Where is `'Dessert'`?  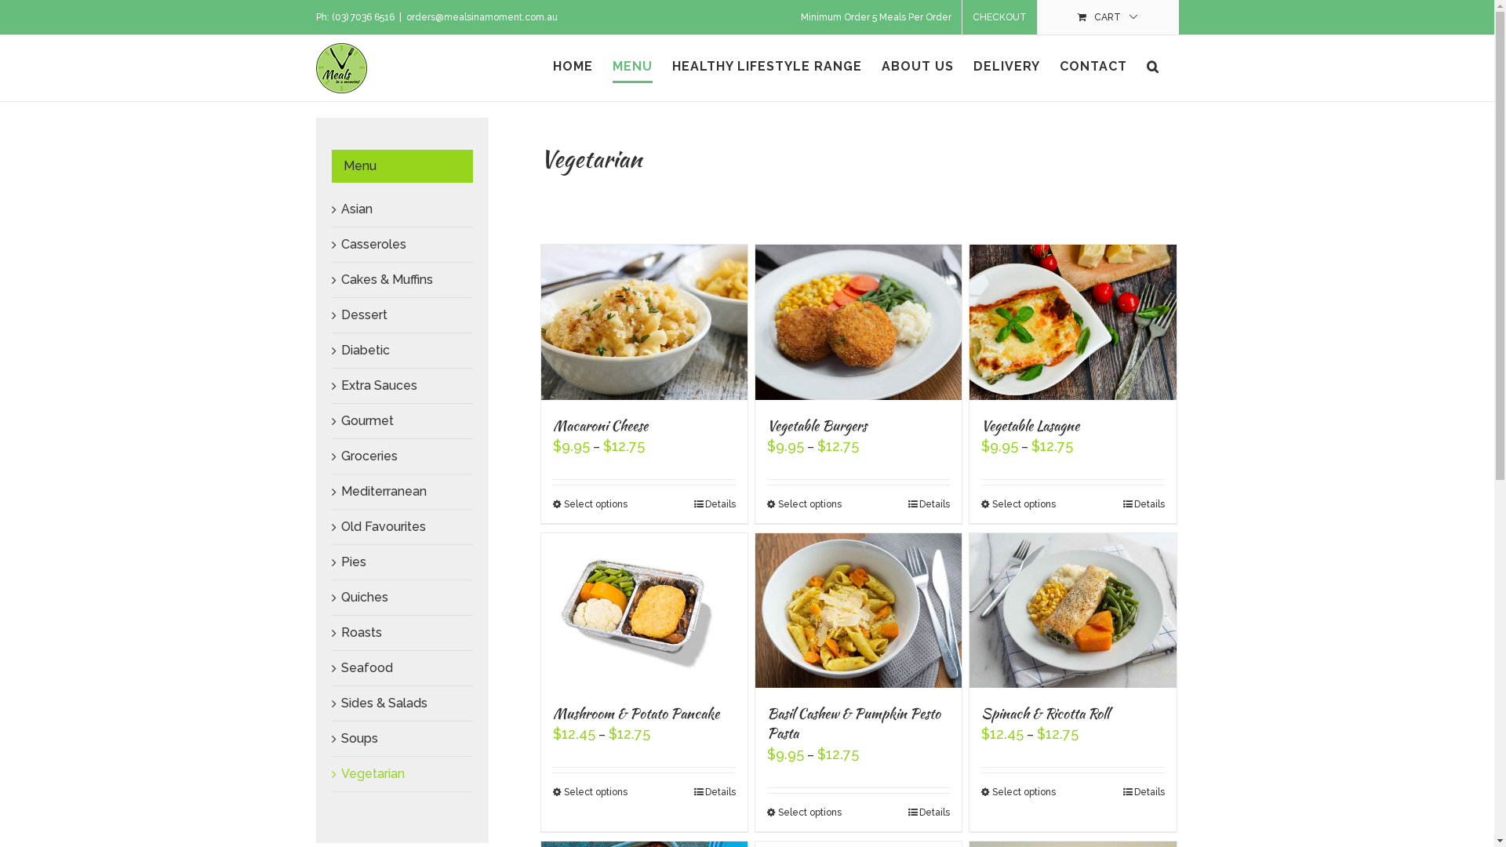
'Dessert' is located at coordinates (362, 314).